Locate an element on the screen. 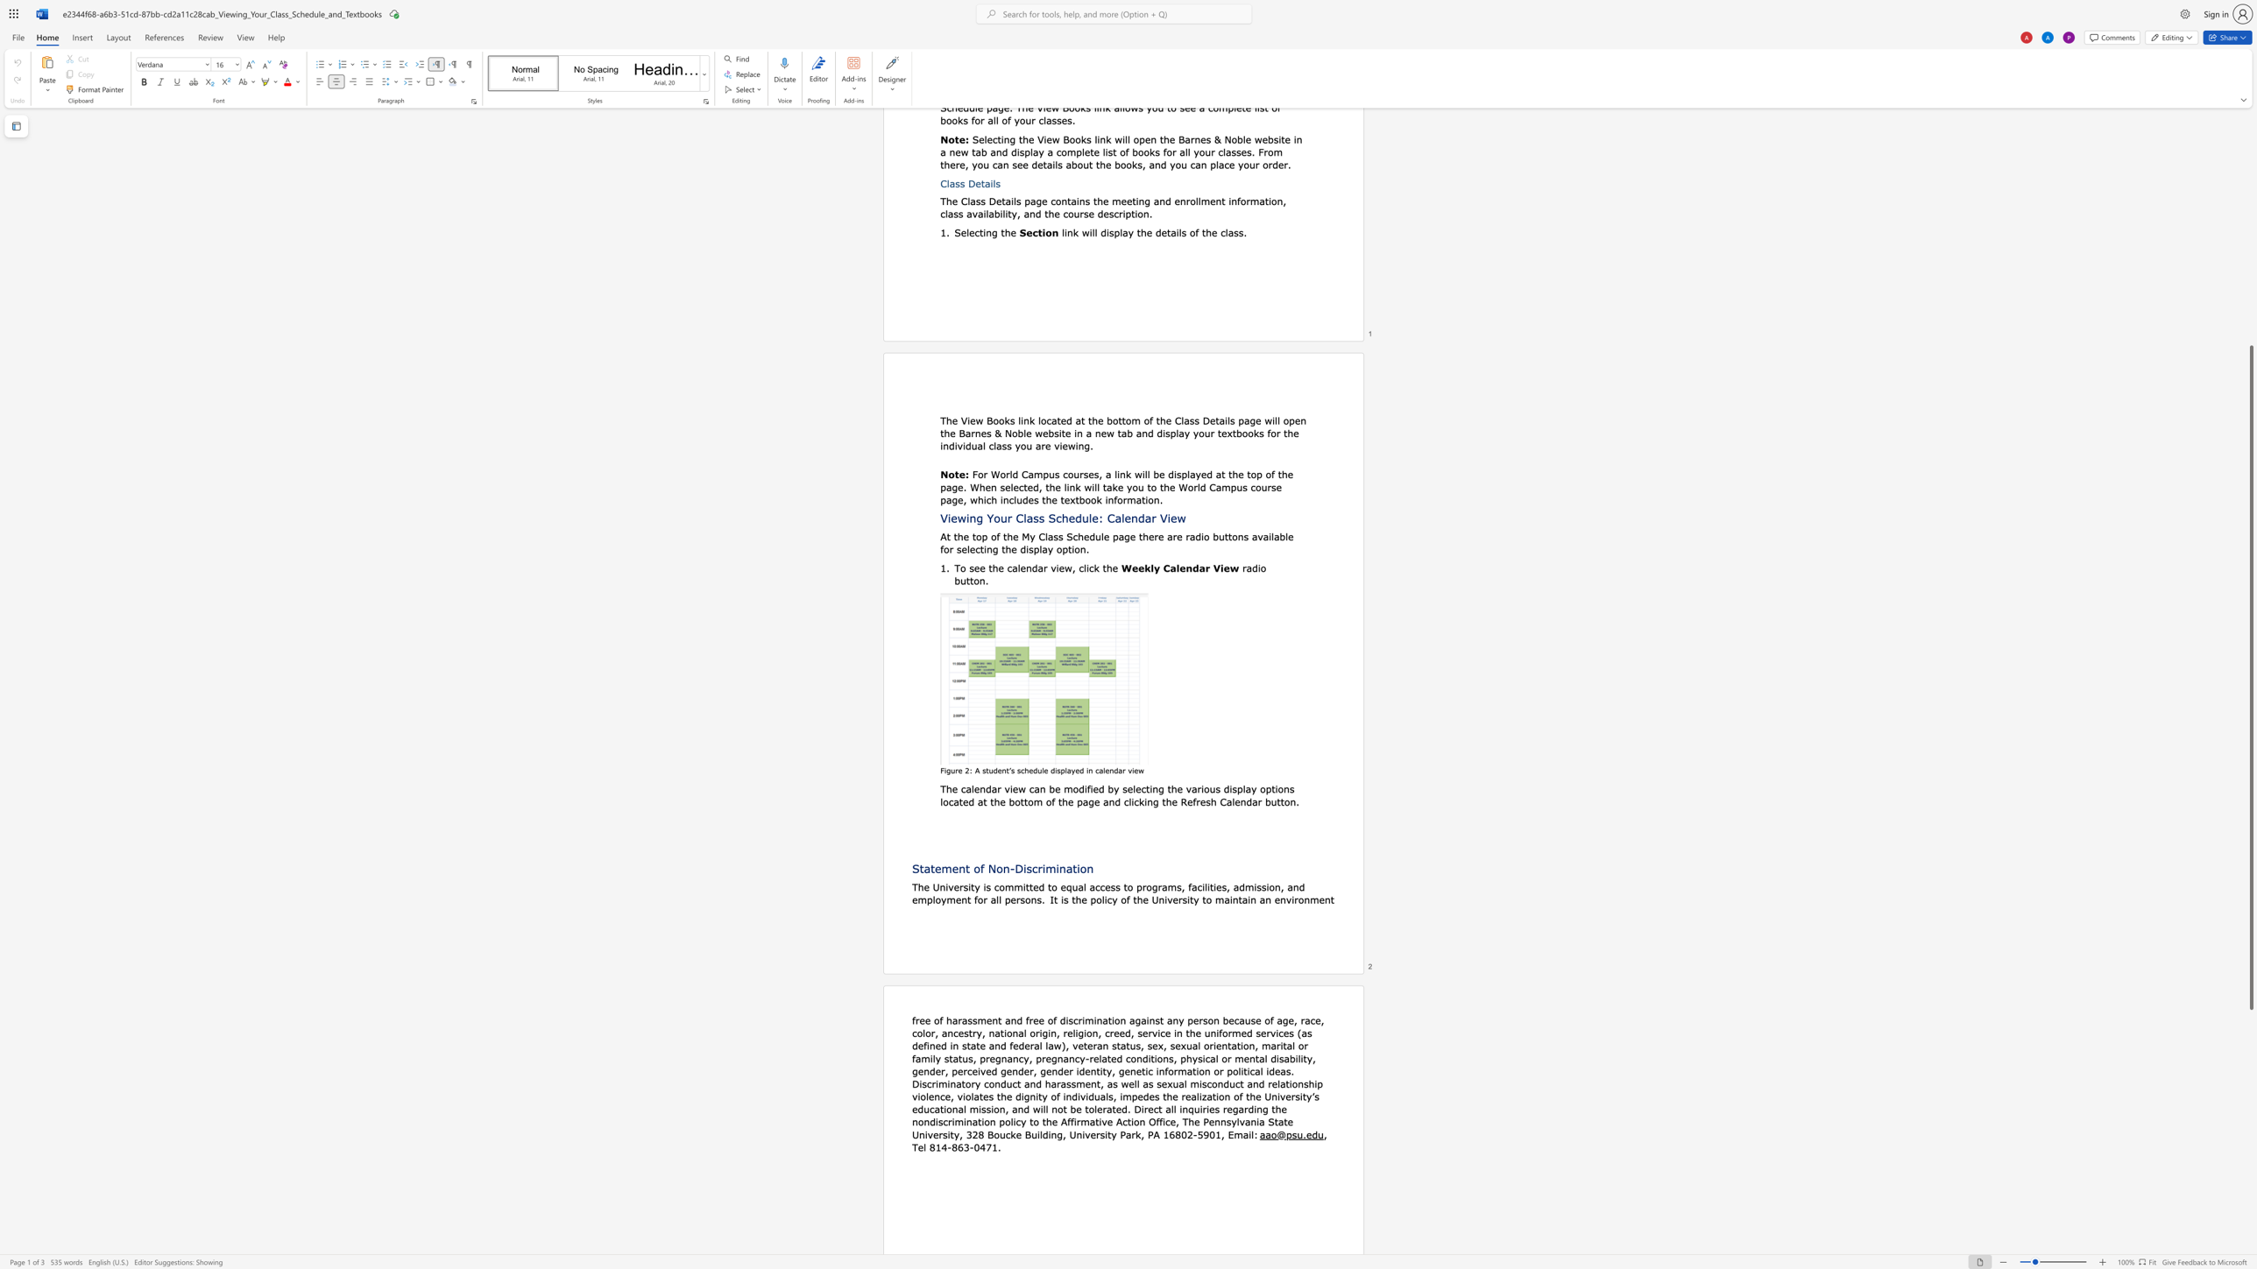  the scrollbar is located at coordinates (2250, 229).